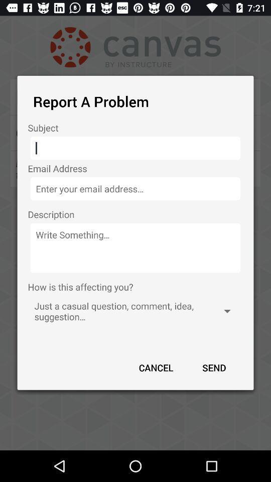 This screenshot has height=482, width=271. I want to click on the cancel, so click(156, 367).